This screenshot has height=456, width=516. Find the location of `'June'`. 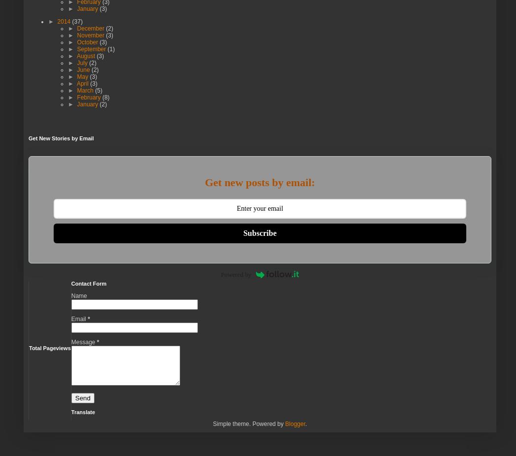

'June' is located at coordinates (77, 69).